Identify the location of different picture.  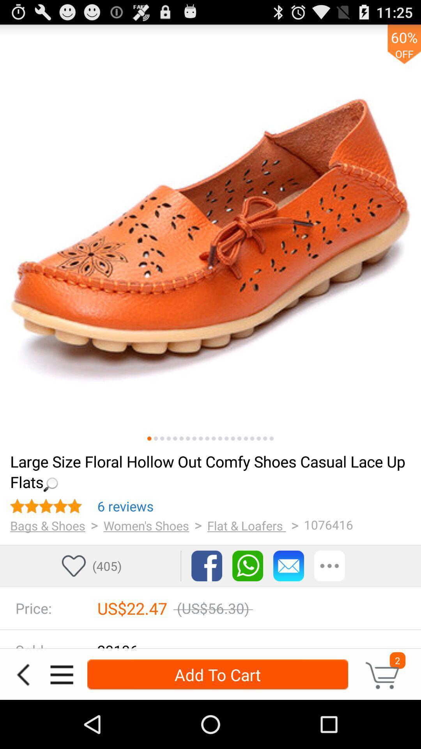
(181, 438).